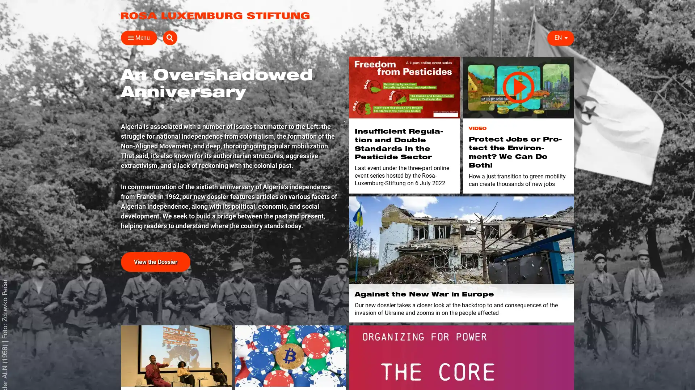 Image resolution: width=695 pixels, height=390 pixels. I want to click on Show more / less, so click(231, 131).